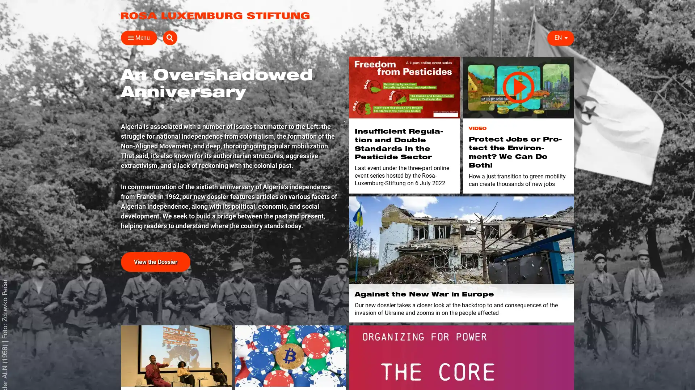 Image resolution: width=695 pixels, height=390 pixels. I want to click on Show more / less, so click(231, 131).